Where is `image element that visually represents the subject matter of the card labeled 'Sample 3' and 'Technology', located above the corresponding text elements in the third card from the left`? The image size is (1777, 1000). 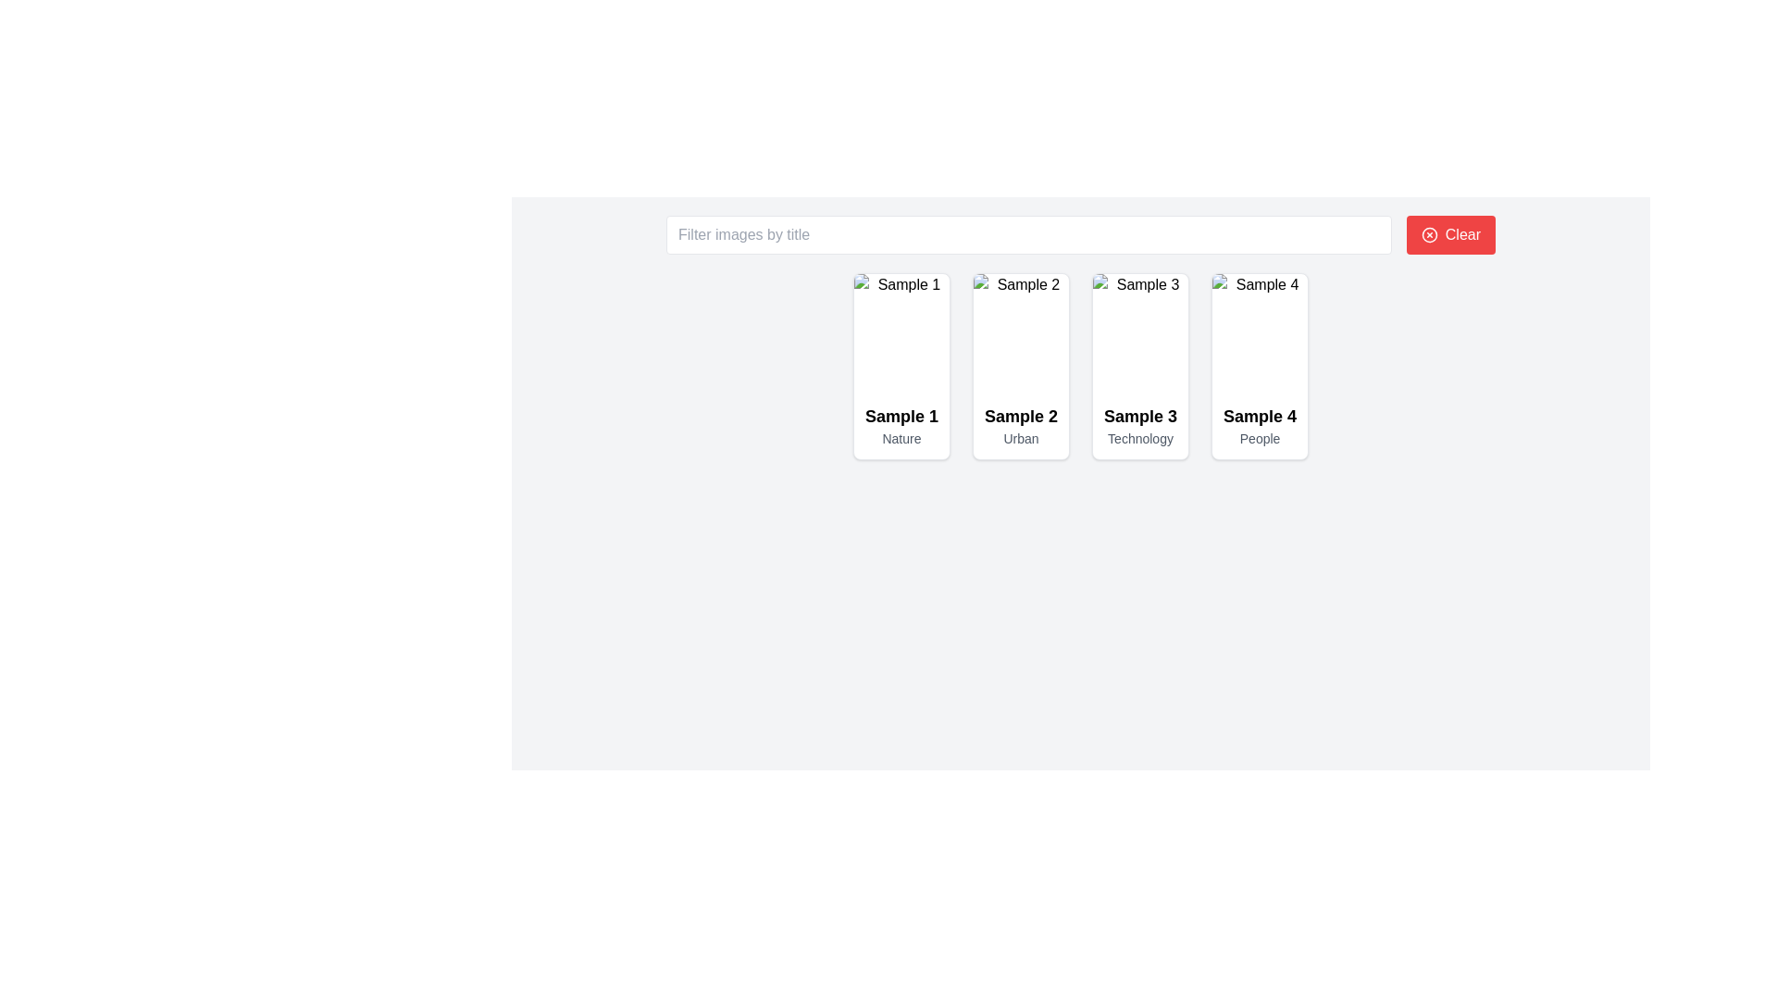 image element that visually represents the subject matter of the card labeled 'Sample 3' and 'Technology', located above the corresponding text elements in the third card from the left is located at coordinates (1139, 331).